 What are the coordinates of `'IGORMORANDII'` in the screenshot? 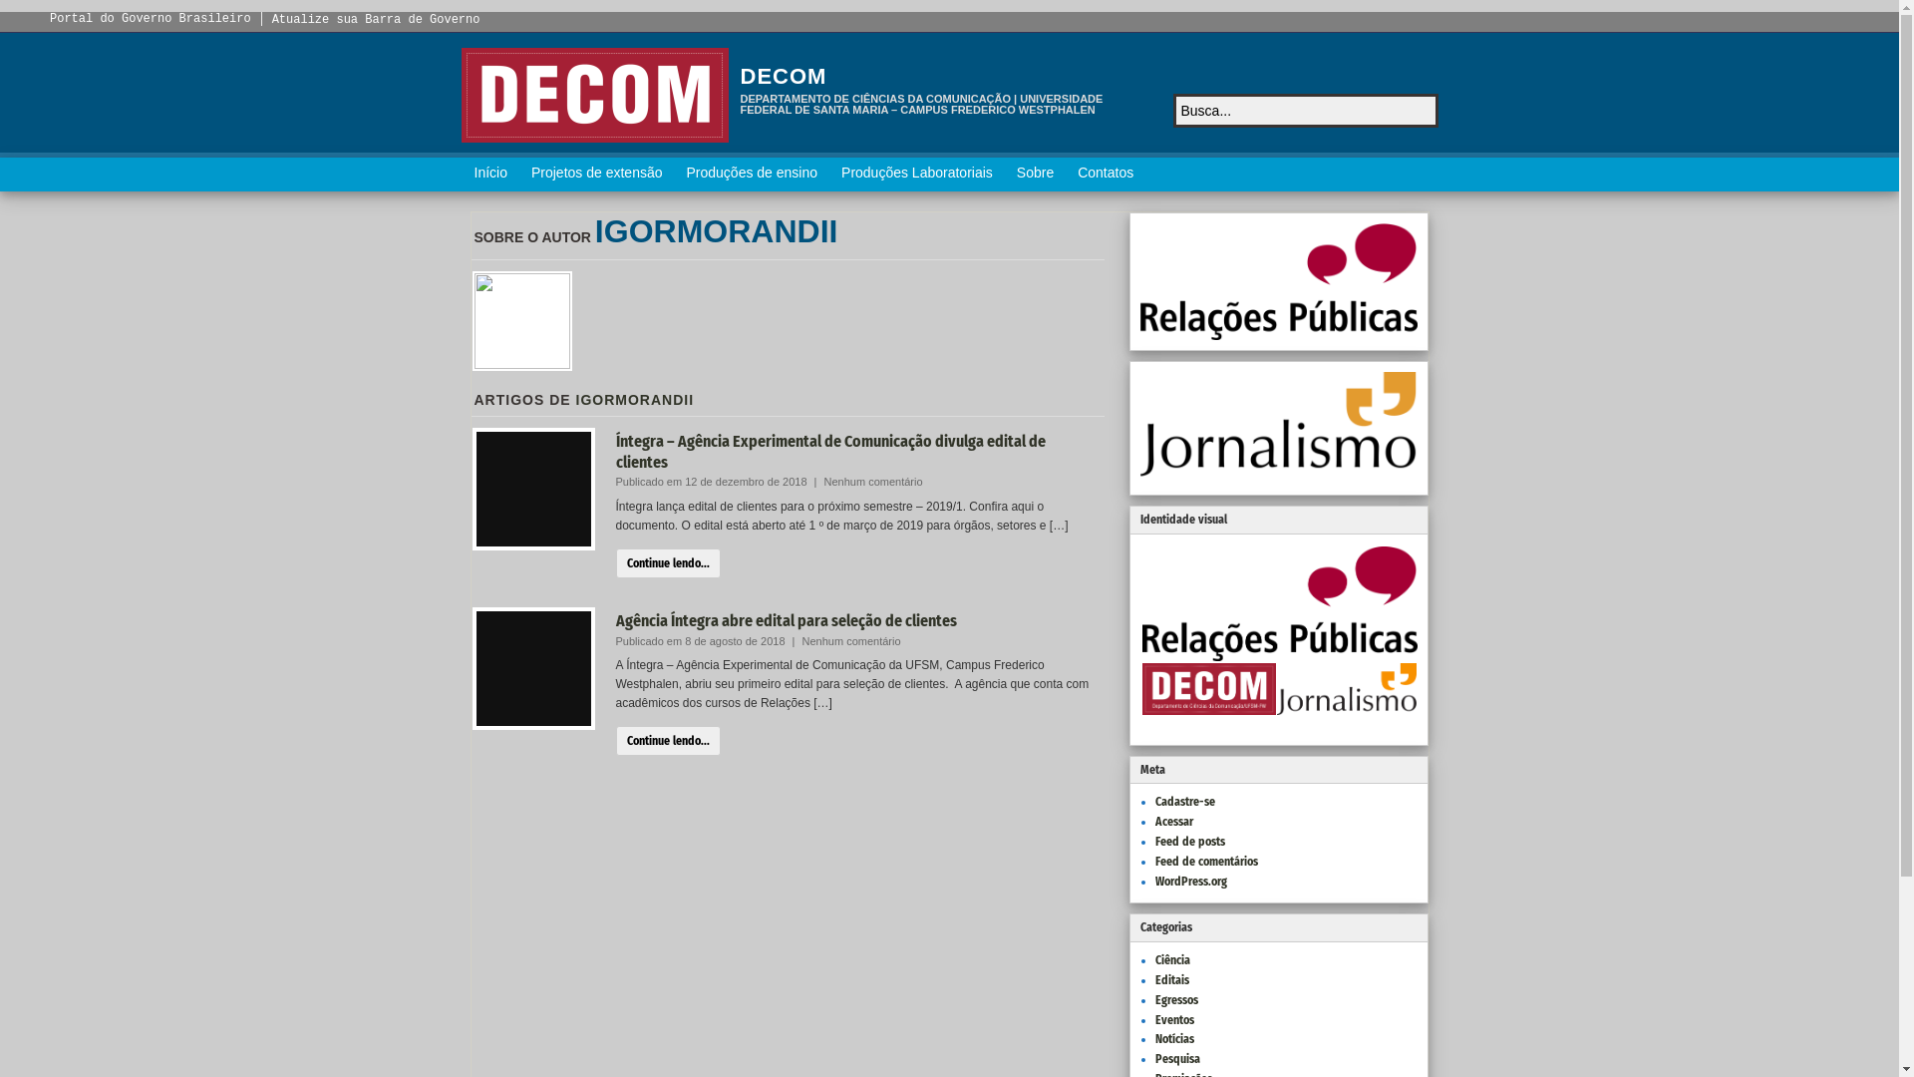 It's located at (717, 229).